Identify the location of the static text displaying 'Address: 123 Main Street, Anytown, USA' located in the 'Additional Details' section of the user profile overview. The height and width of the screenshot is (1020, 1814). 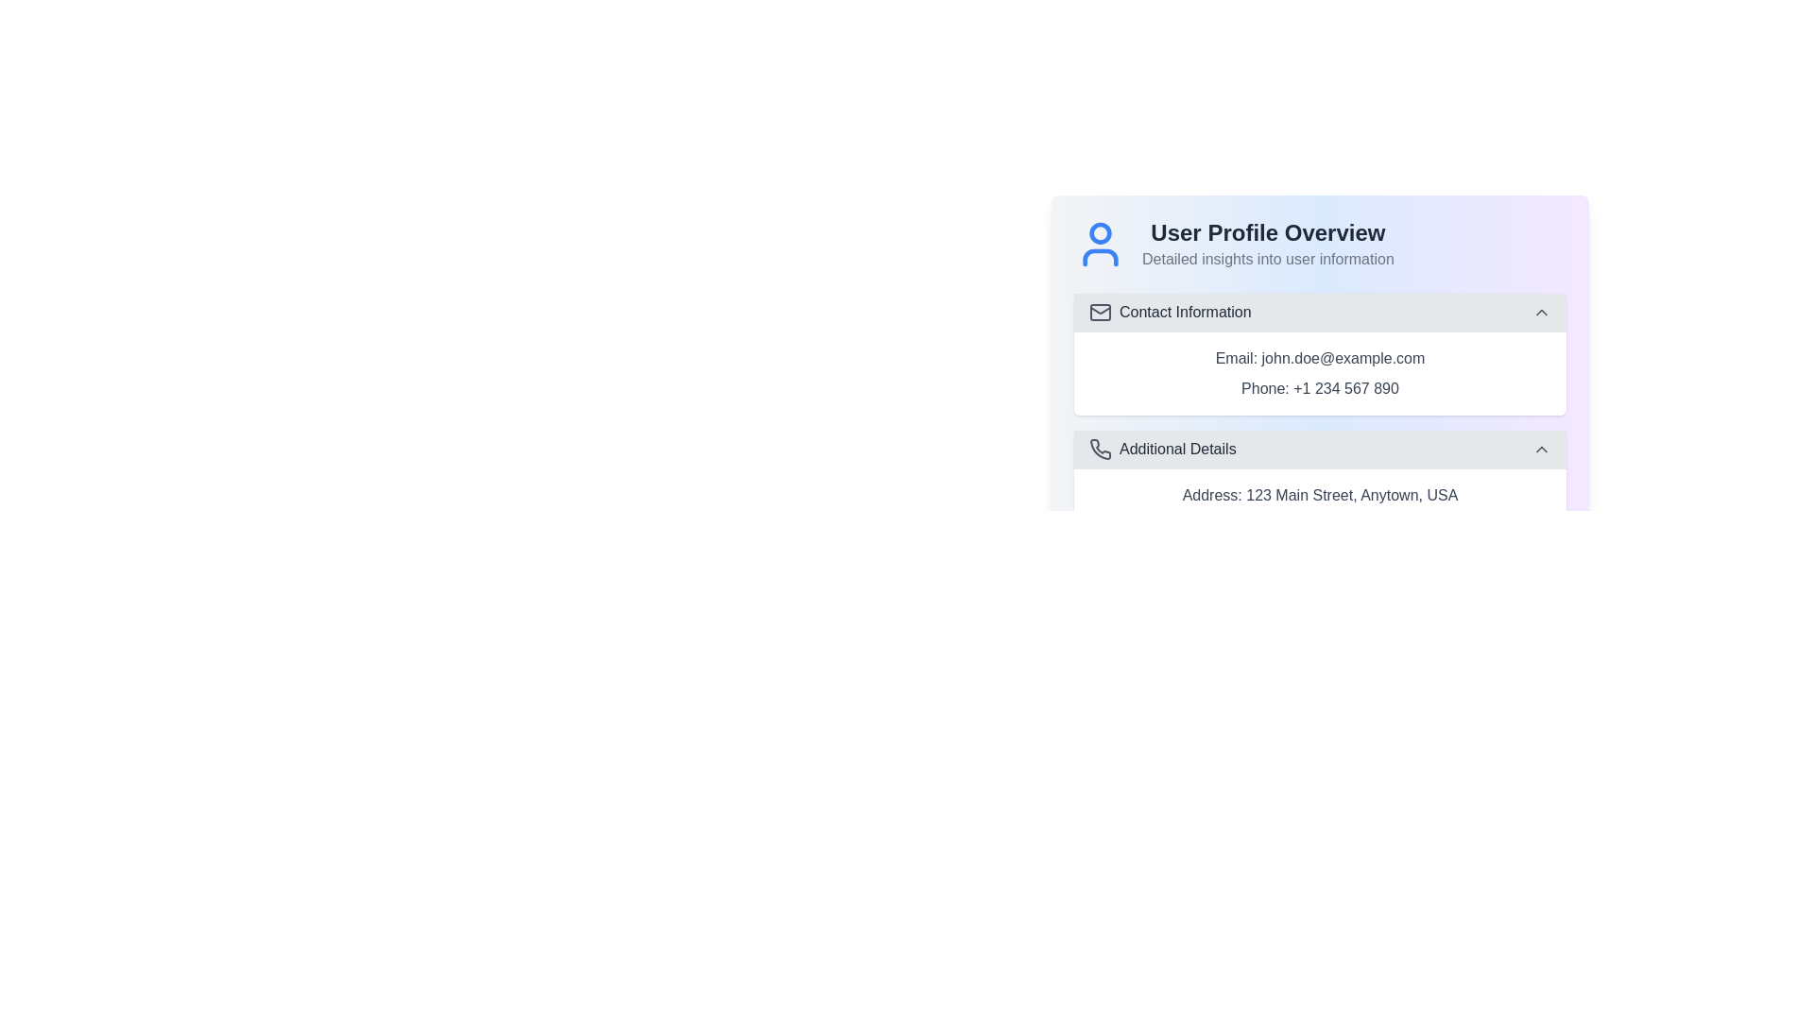
(1319, 494).